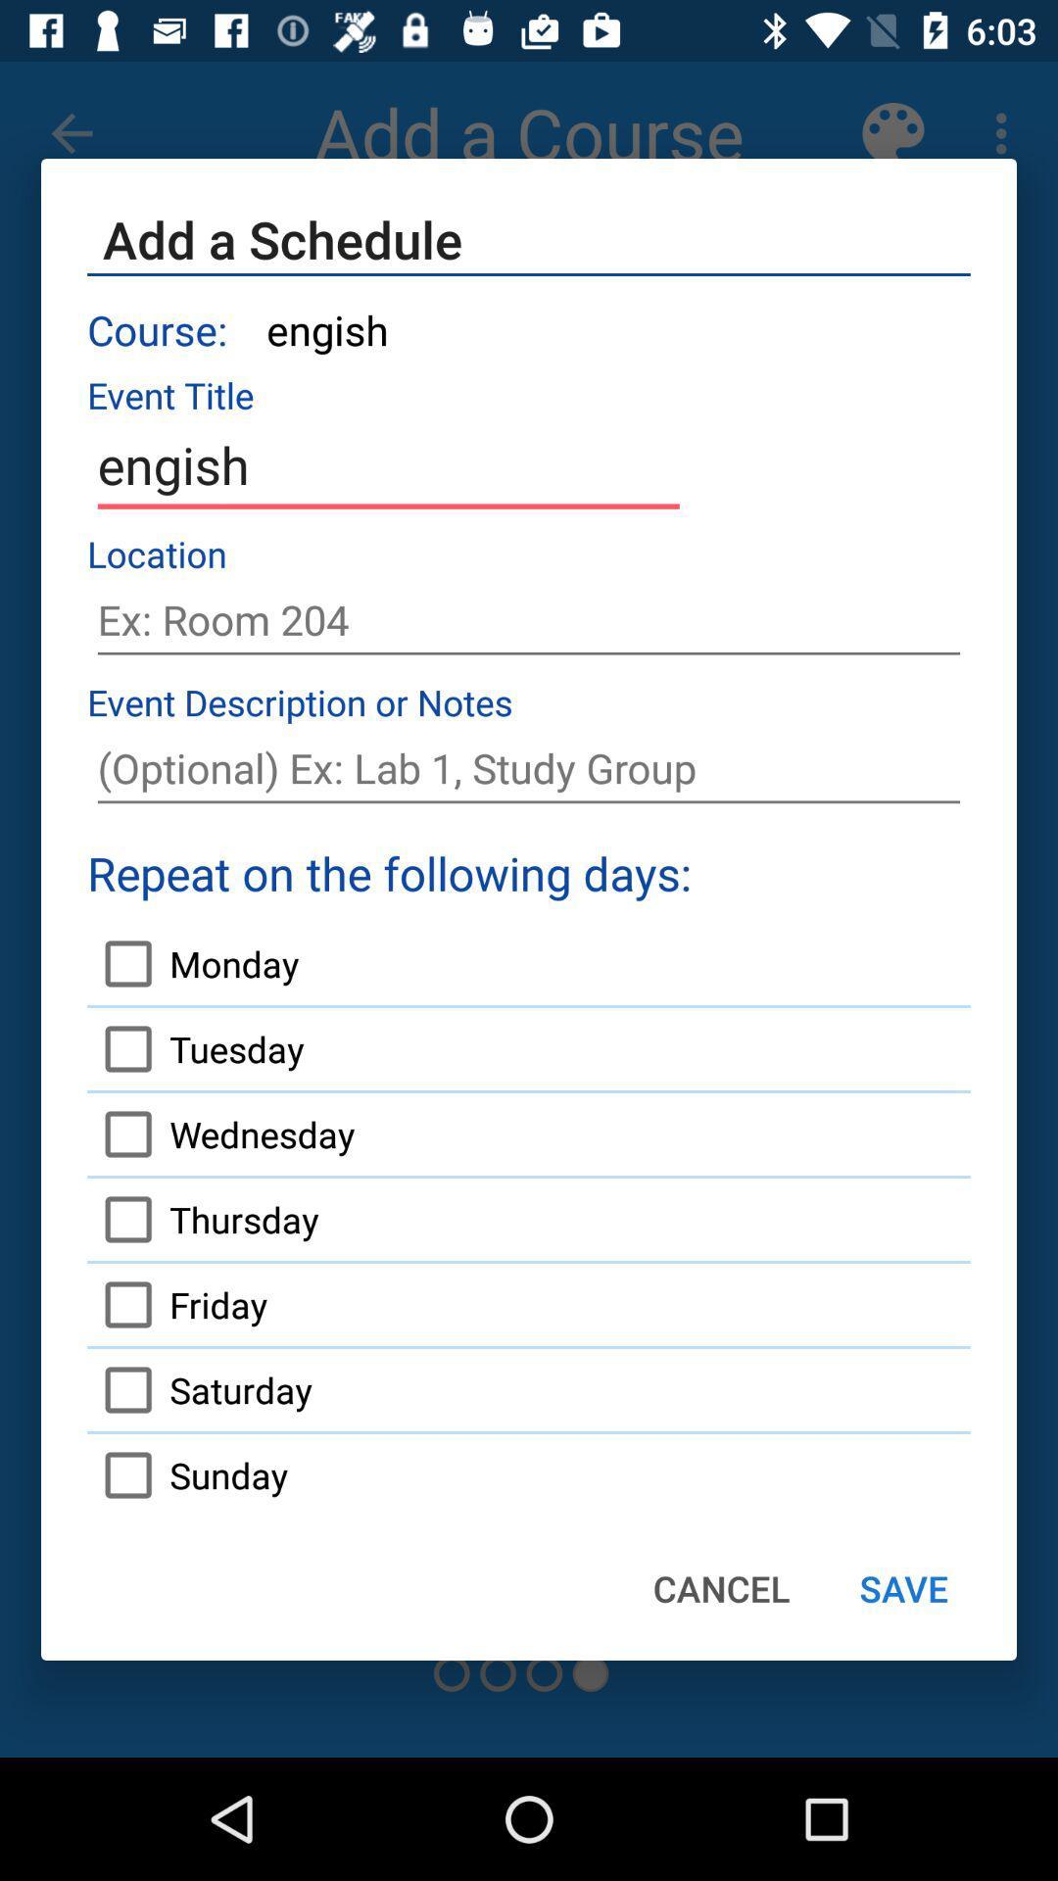 This screenshot has width=1058, height=1881. Describe the element at coordinates (721, 1588) in the screenshot. I see `the item next to the sunday` at that location.